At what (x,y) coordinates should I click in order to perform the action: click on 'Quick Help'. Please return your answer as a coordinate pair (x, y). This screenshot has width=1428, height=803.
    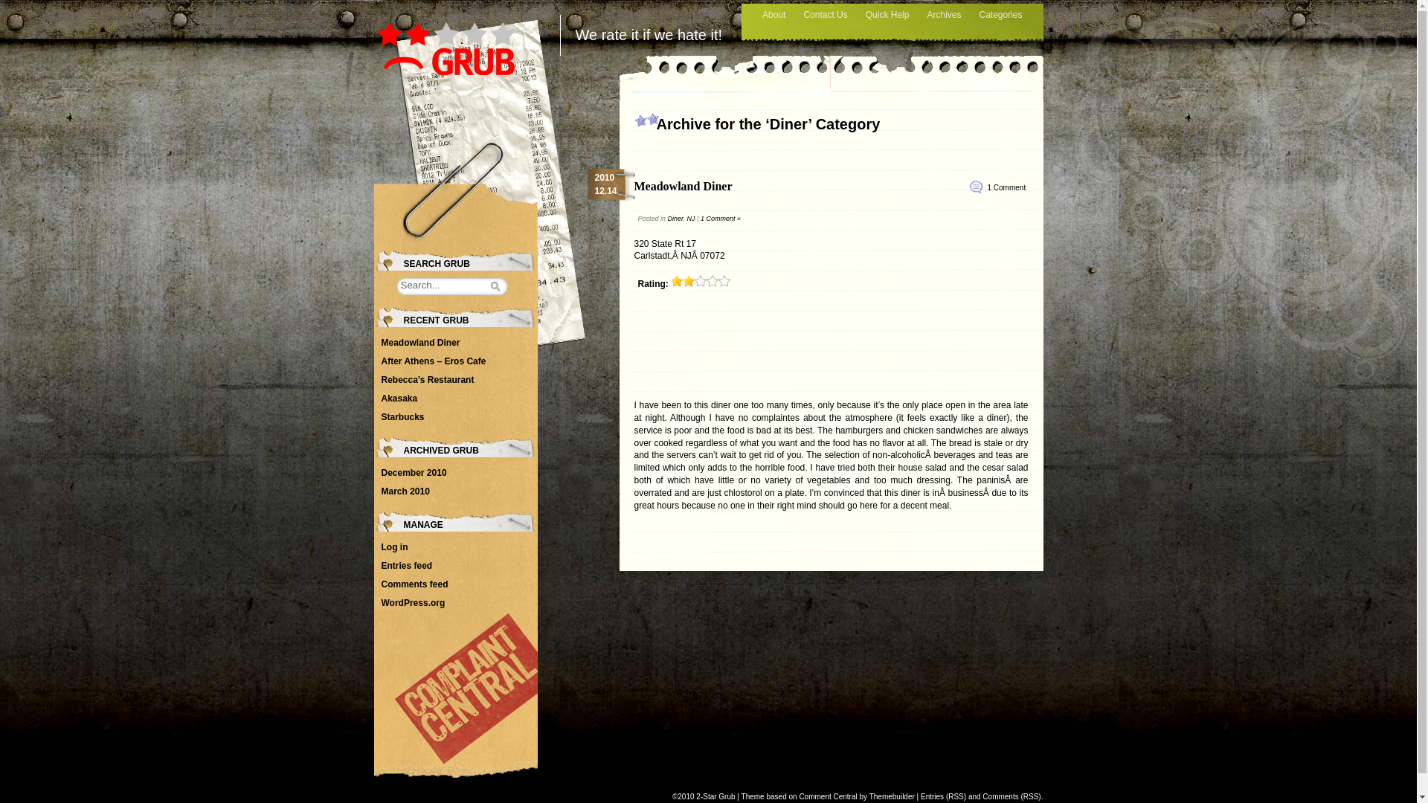
    Looking at the image, I should click on (857, 15).